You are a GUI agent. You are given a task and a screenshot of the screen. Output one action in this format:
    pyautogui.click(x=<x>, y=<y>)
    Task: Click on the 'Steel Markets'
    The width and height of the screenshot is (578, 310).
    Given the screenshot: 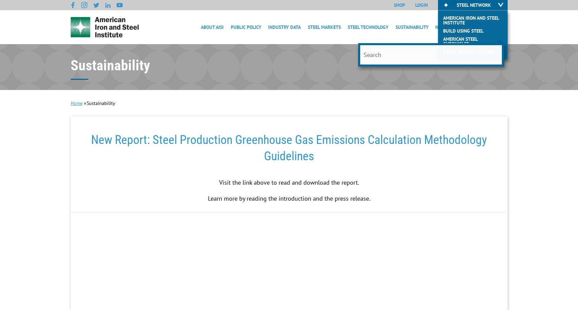 What is the action you would take?
    pyautogui.click(x=323, y=26)
    